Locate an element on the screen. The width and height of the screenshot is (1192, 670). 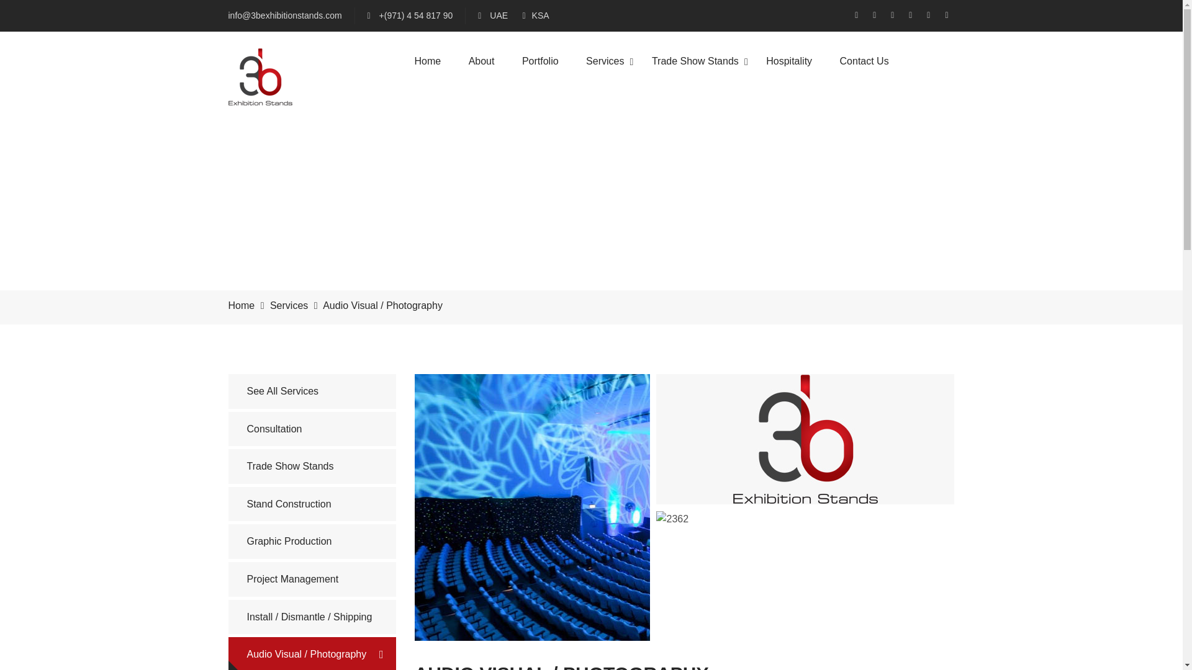
'Hospitality' is located at coordinates (788, 61).